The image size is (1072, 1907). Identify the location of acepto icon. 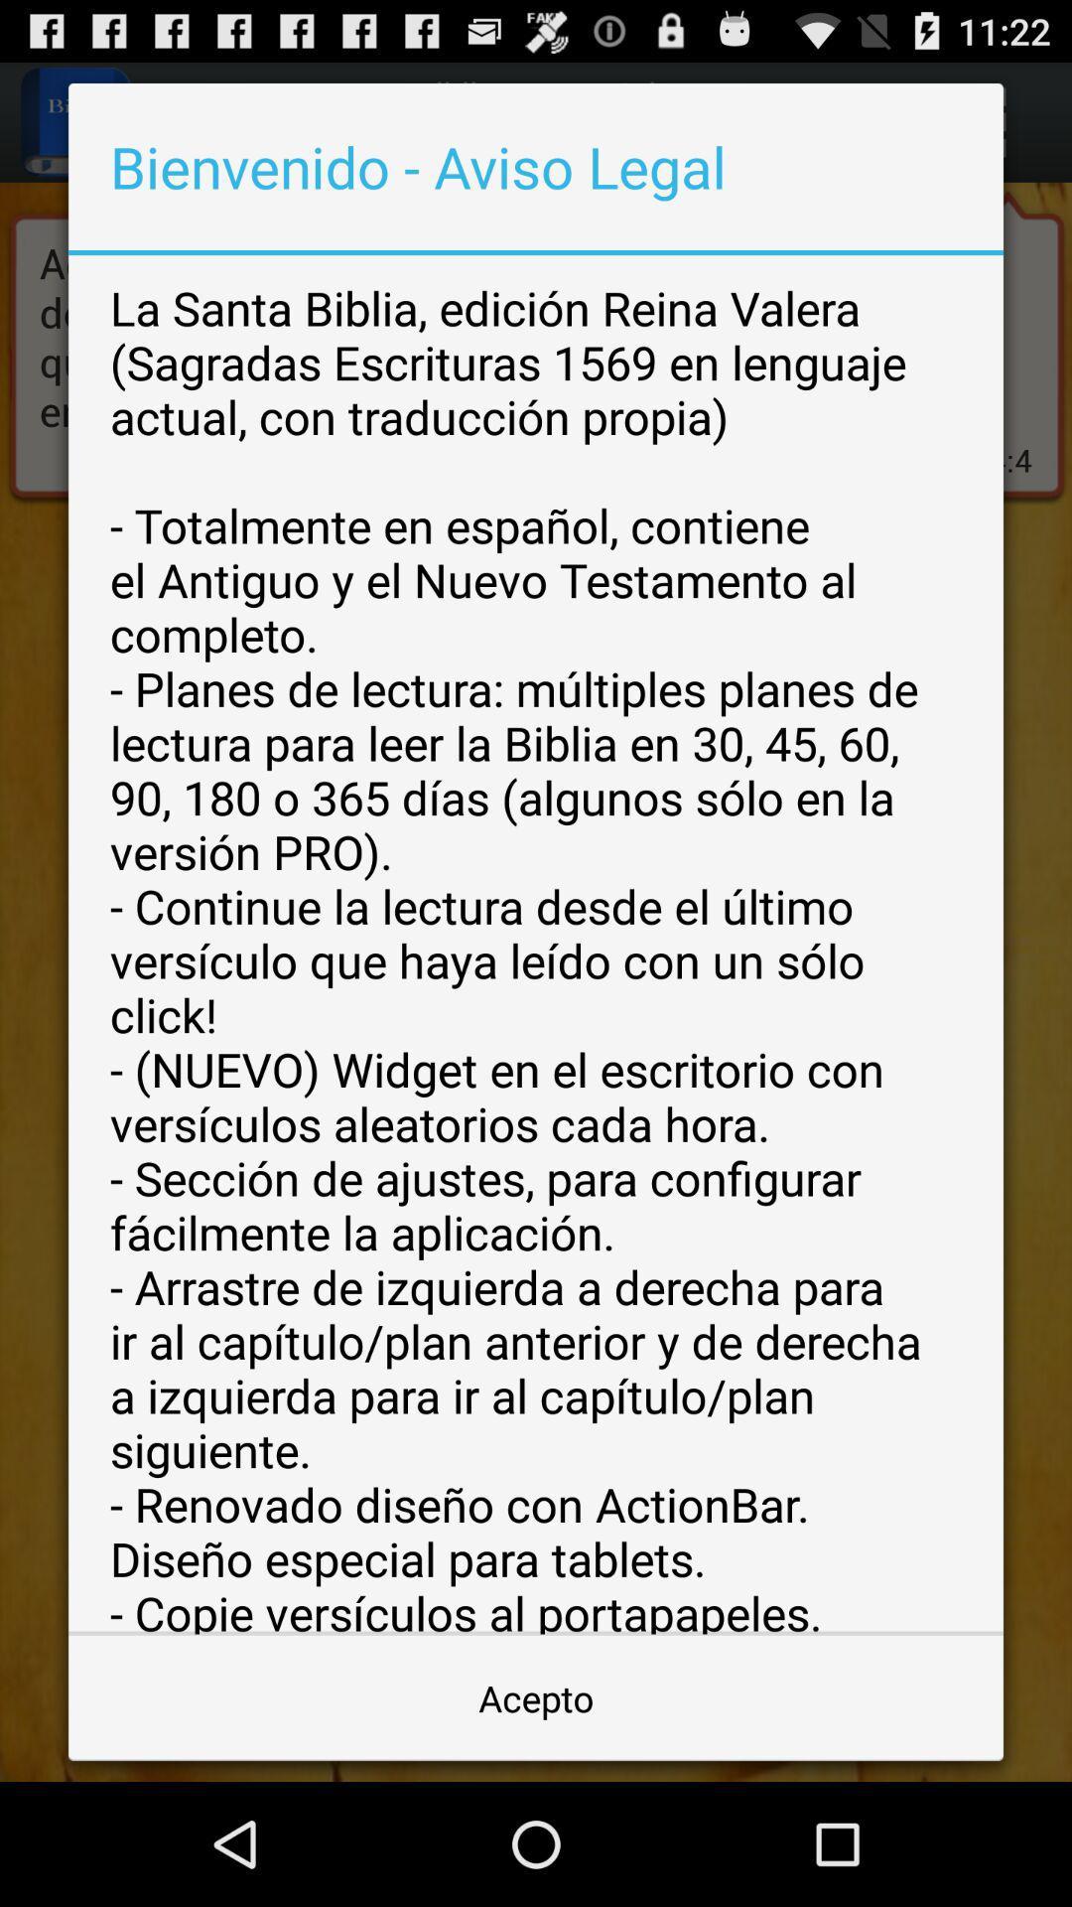
(536, 1696).